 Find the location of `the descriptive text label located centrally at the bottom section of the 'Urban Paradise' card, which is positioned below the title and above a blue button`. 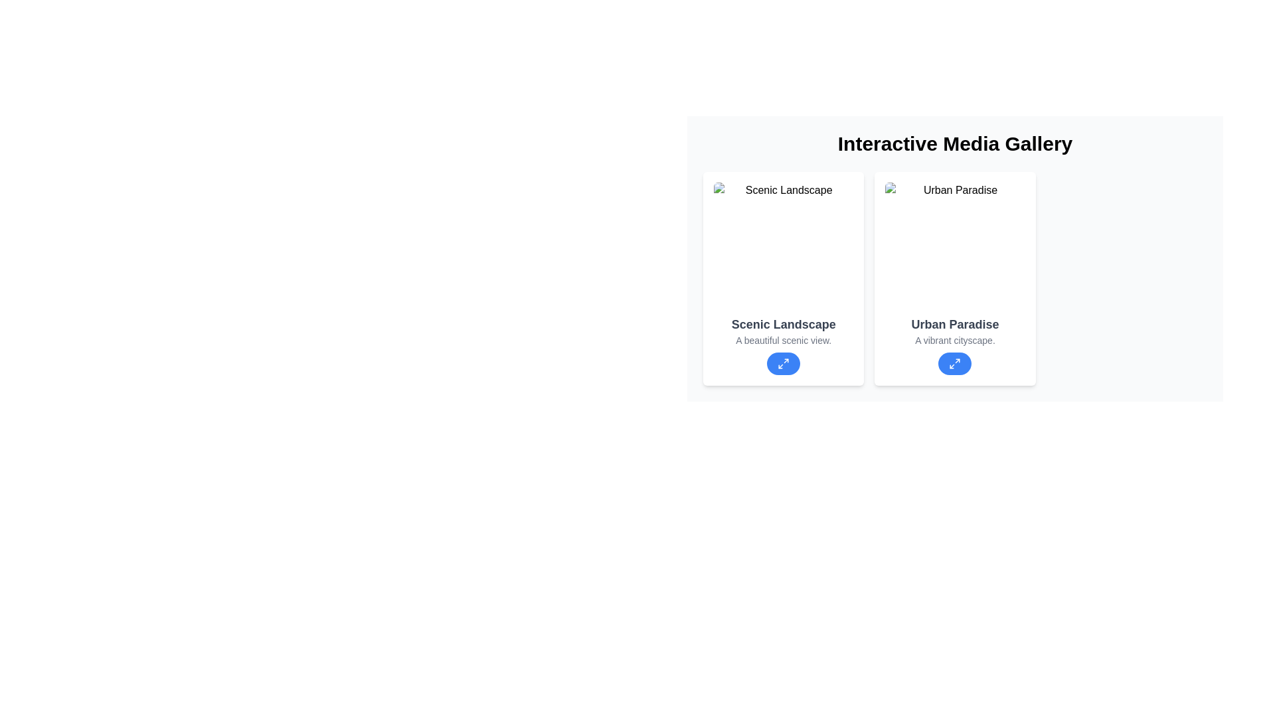

the descriptive text label located centrally at the bottom section of the 'Urban Paradise' card, which is positioned below the title and above a blue button is located at coordinates (954, 340).